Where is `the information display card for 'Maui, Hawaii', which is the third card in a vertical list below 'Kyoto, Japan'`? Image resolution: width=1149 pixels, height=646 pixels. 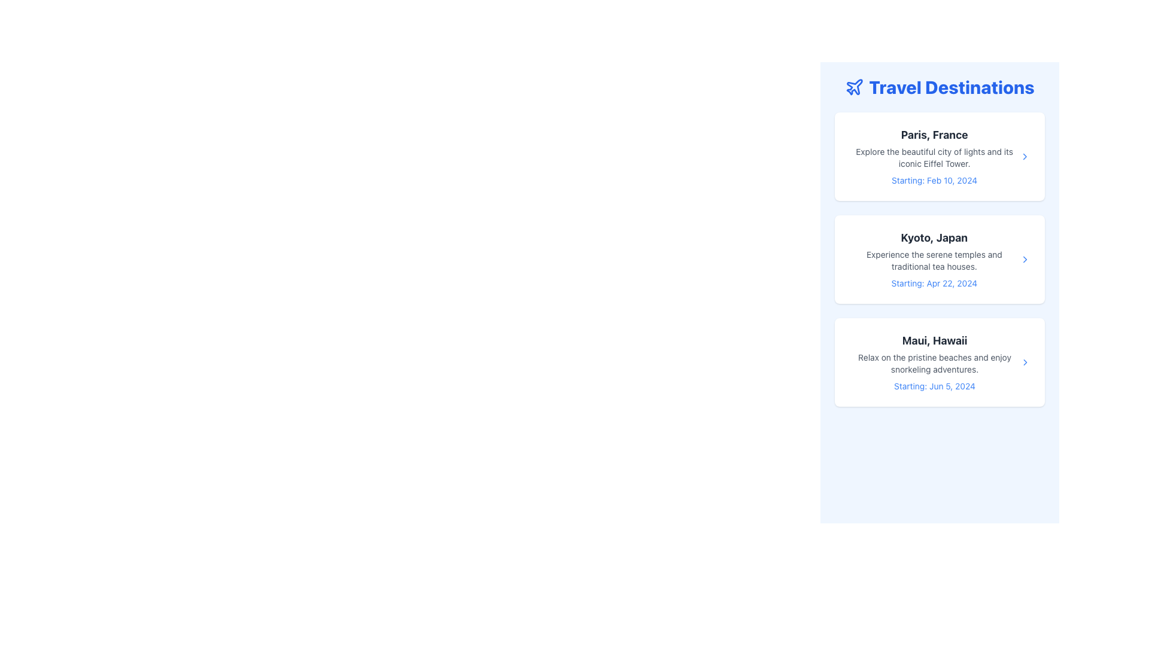 the information display card for 'Maui, Hawaii', which is the third card in a vertical list below 'Kyoto, Japan' is located at coordinates (934, 361).